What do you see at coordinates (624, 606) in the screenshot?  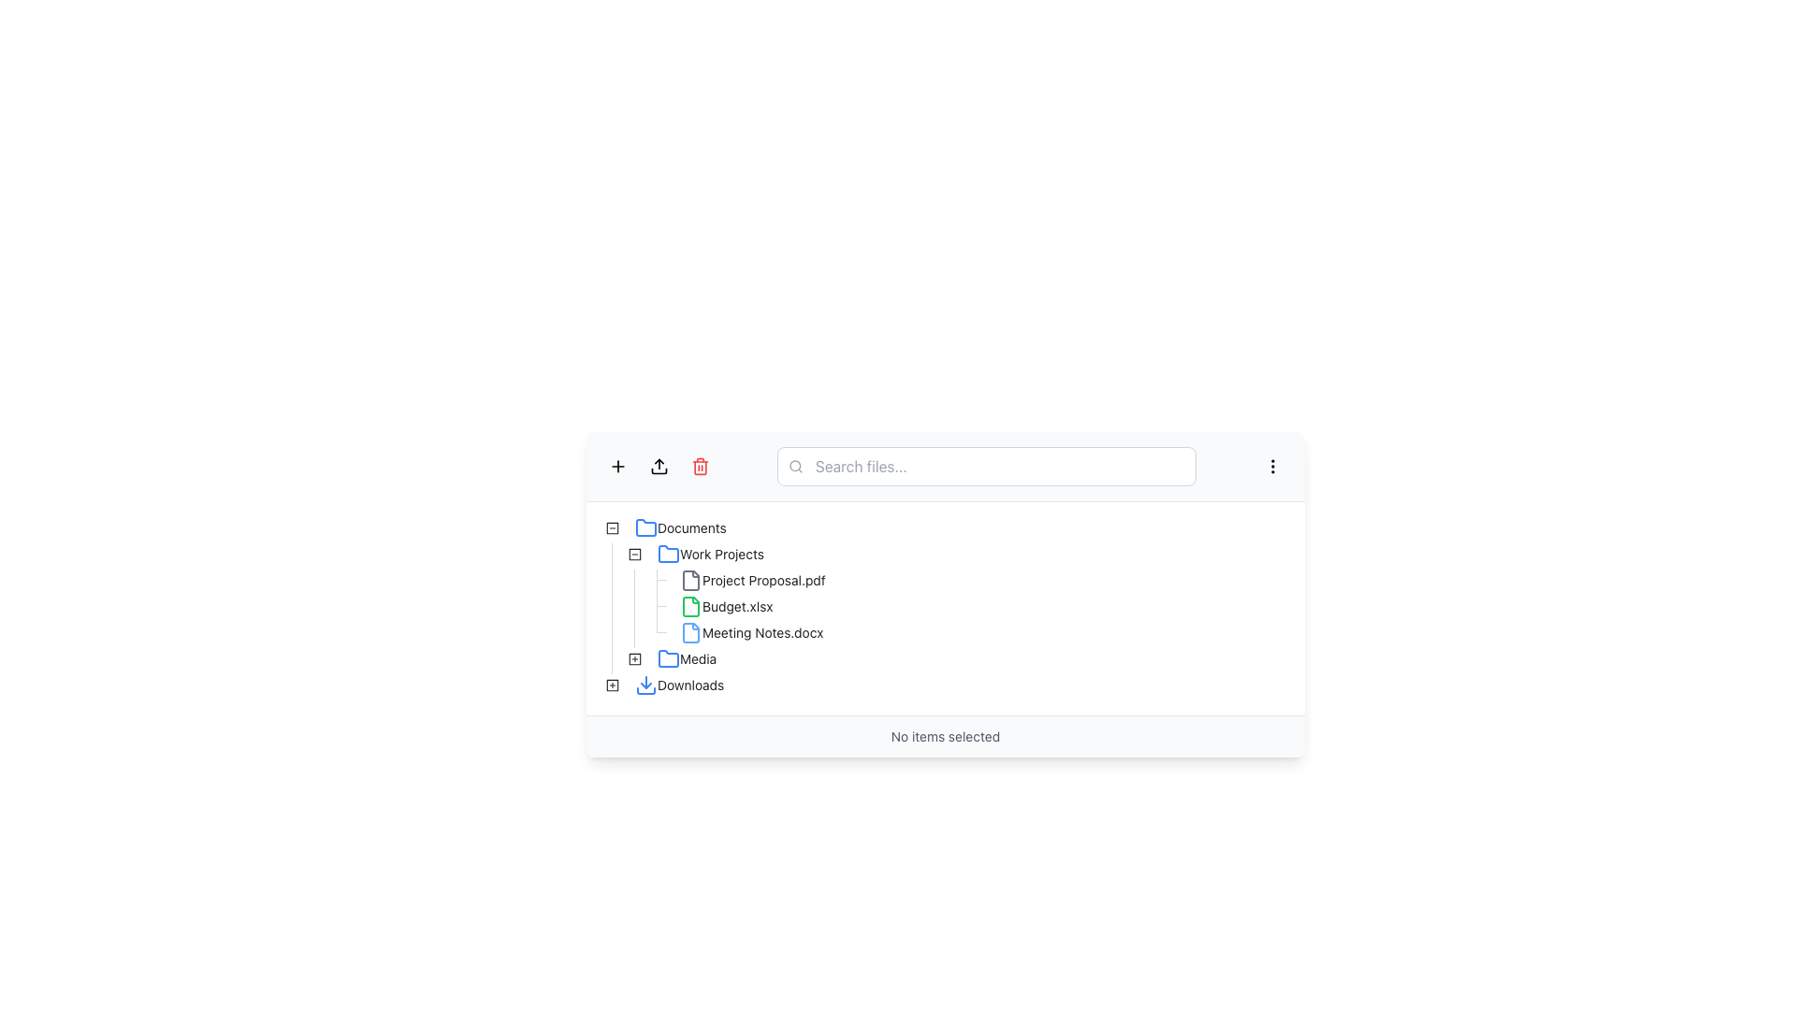 I see `the indentation unit for the tree structure located left of the 'Budget.xlsx' entry in the 'Work Projects' folder` at bounding box center [624, 606].